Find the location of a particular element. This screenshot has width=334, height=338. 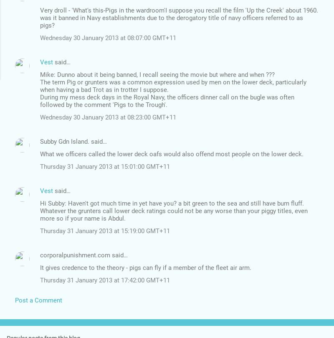

'Post a Comment' is located at coordinates (38, 299).